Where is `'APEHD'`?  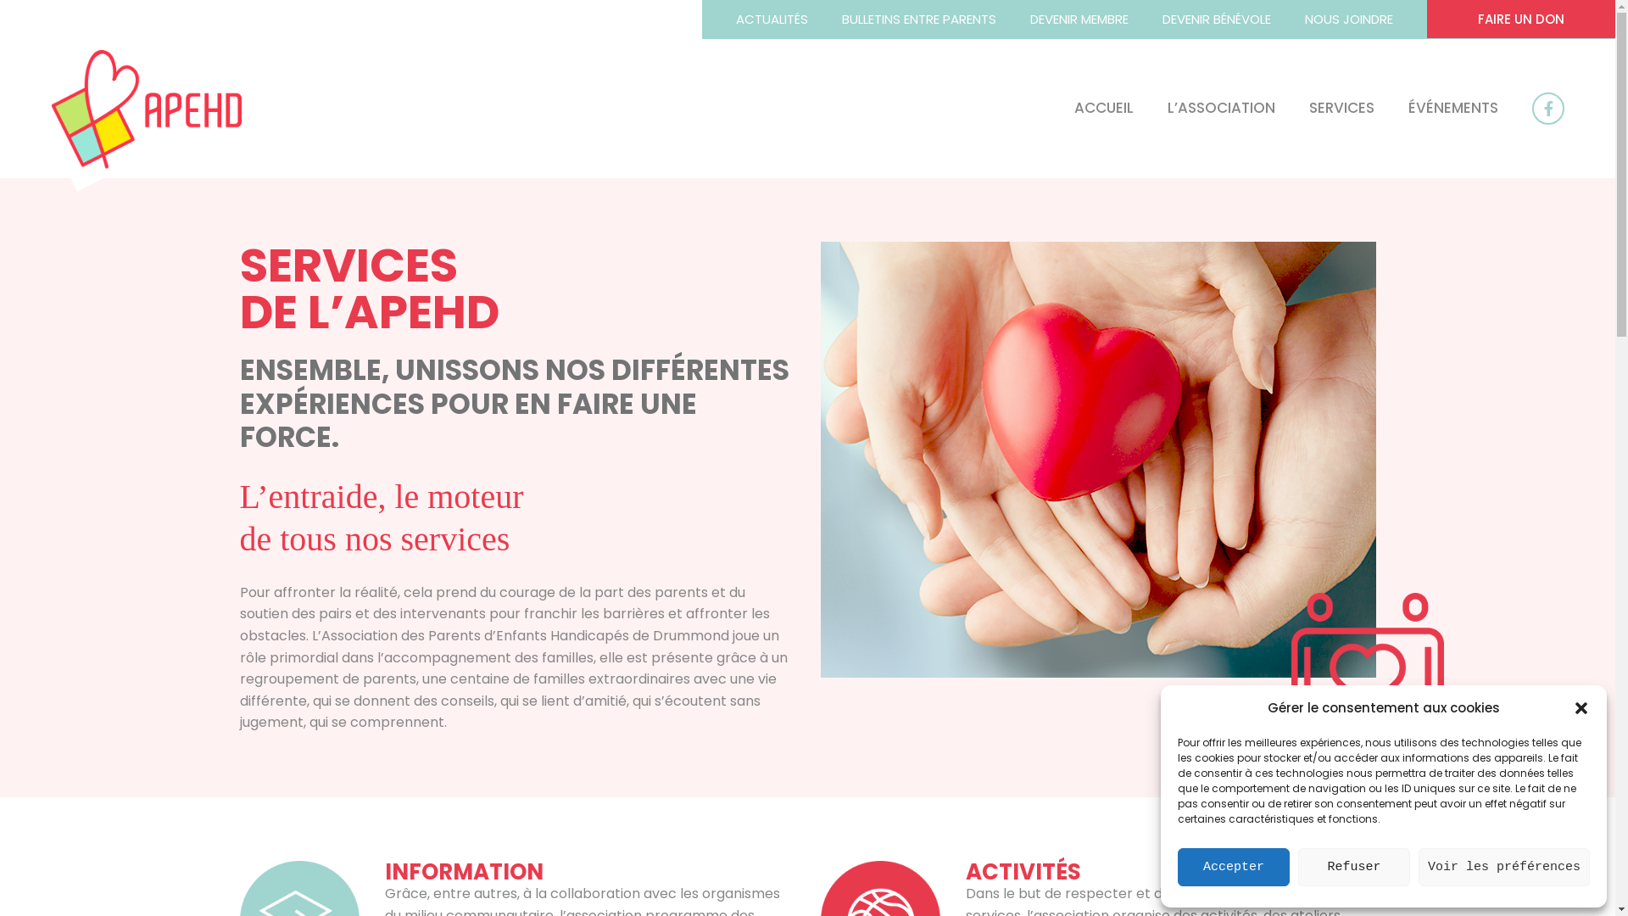 'APEHD' is located at coordinates (146, 107).